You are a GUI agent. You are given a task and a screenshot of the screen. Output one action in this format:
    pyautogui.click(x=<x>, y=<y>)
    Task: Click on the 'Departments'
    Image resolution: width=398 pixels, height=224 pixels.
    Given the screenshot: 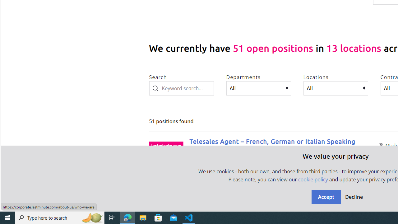 What is the action you would take?
    pyautogui.click(x=258, y=88)
    